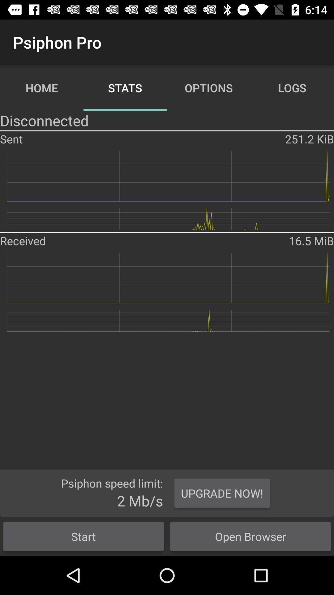 Image resolution: width=334 pixels, height=595 pixels. What do you see at coordinates (83, 536) in the screenshot?
I see `button at the bottom left corner` at bounding box center [83, 536].